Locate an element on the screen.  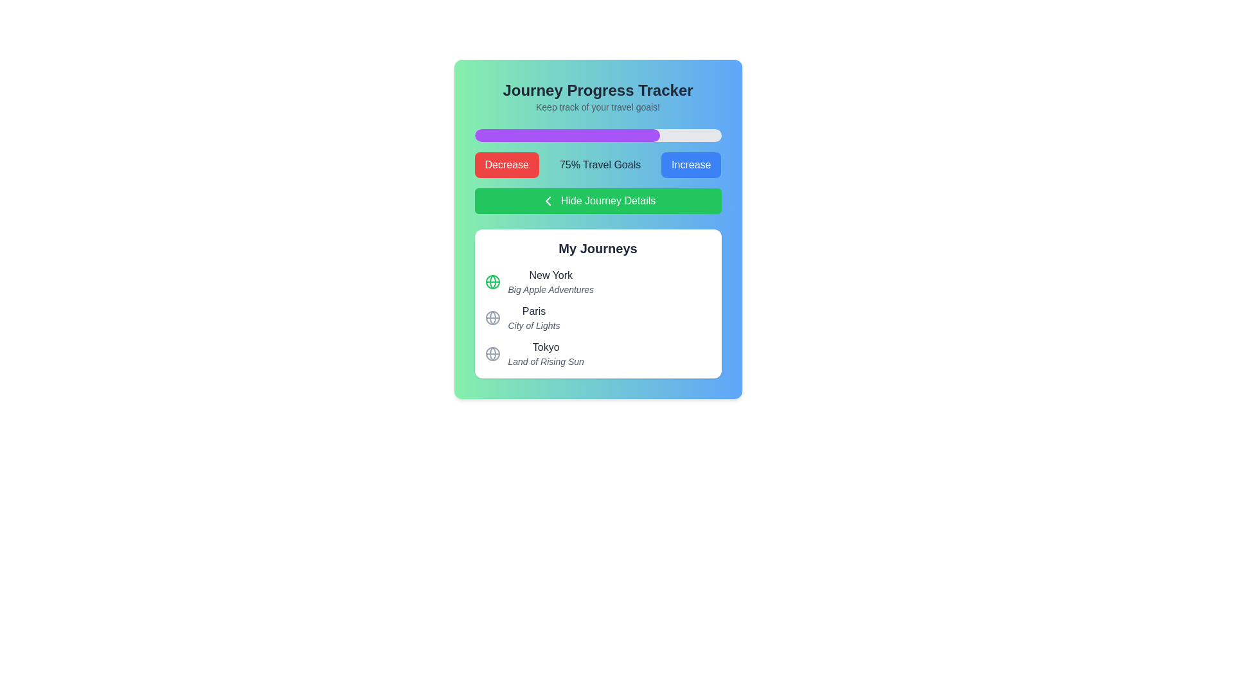
the text label that reads 'City of Lights', which is a small, italicized font in light gray, positioned below the 'Paris' text in the 'My Journeys' section is located at coordinates (533, 325).